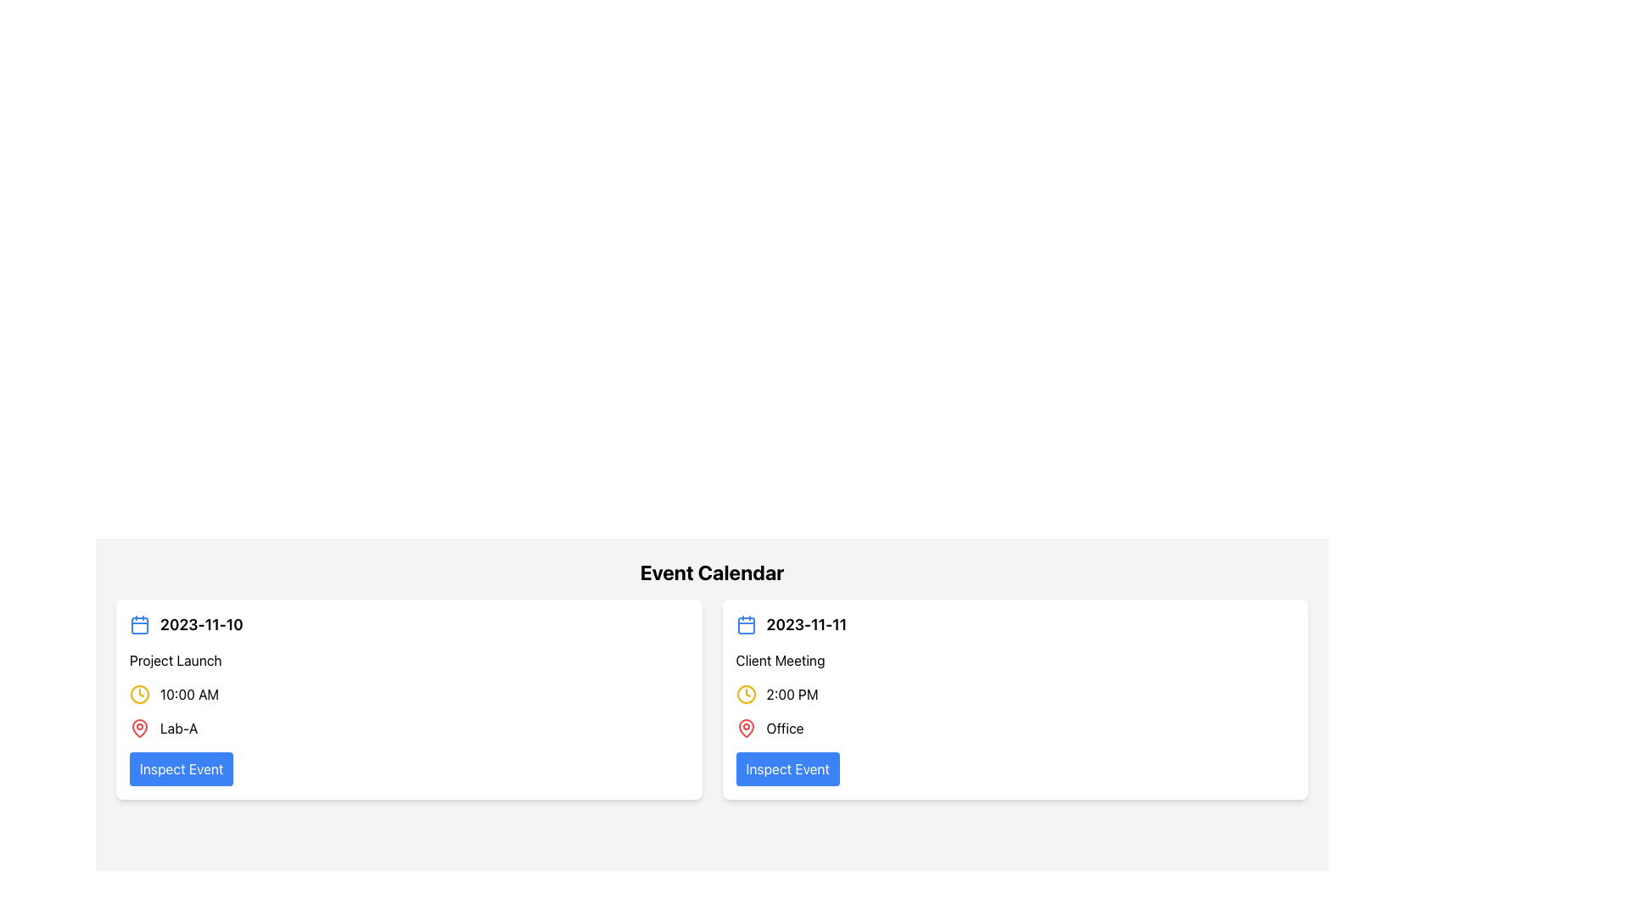 This screenshot has height=916, width=1629. What do you see at coordinates (792, 694) in the screenshot?
I see `text displayed in the Text Label showing '2:00 PM', which is styled in black and is located to the right of a yellow clock icon in the calendar interface` at bounding box center [792, 694].